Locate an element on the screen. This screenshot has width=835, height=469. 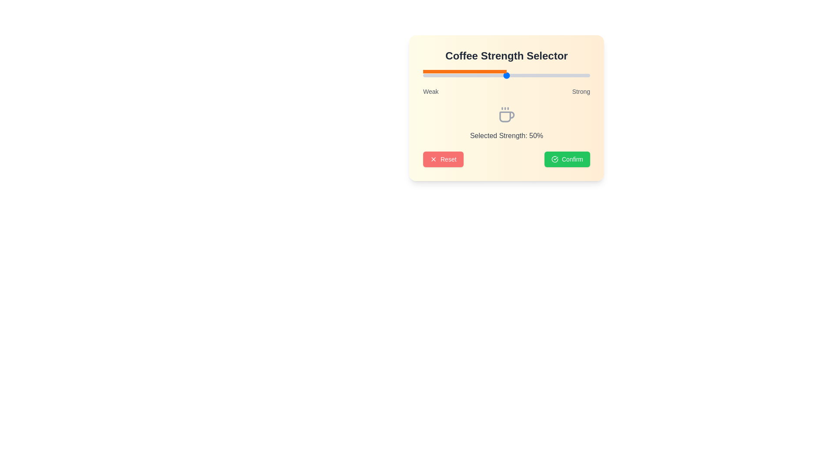
the coffee strength is located at coordinates (513, 75).